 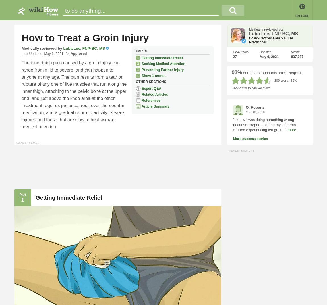 What do you see at coordinates (265, 124) in the screenshot?
I see `'"I knew I was doing something wrong because I kept re-injuring my left groin. Started experiencing left groin'` at bounding box center [265, 124].